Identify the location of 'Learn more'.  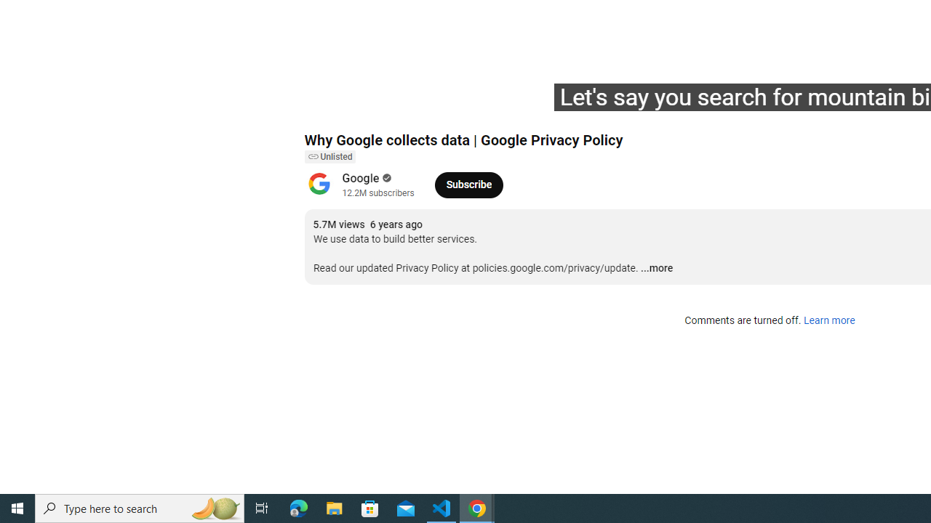
(828, 320).